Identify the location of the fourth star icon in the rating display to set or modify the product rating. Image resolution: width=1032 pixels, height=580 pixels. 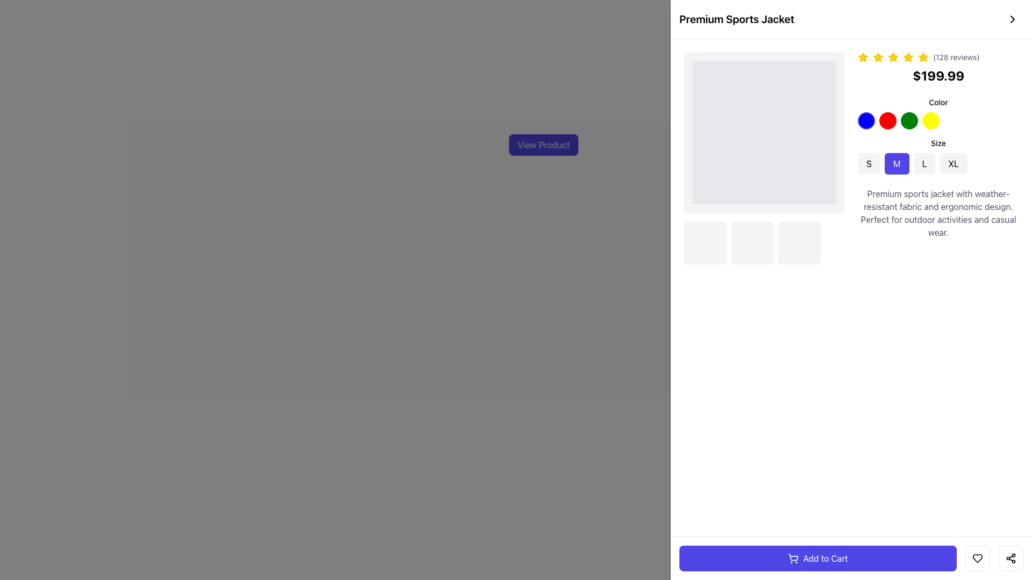
(922, 56).